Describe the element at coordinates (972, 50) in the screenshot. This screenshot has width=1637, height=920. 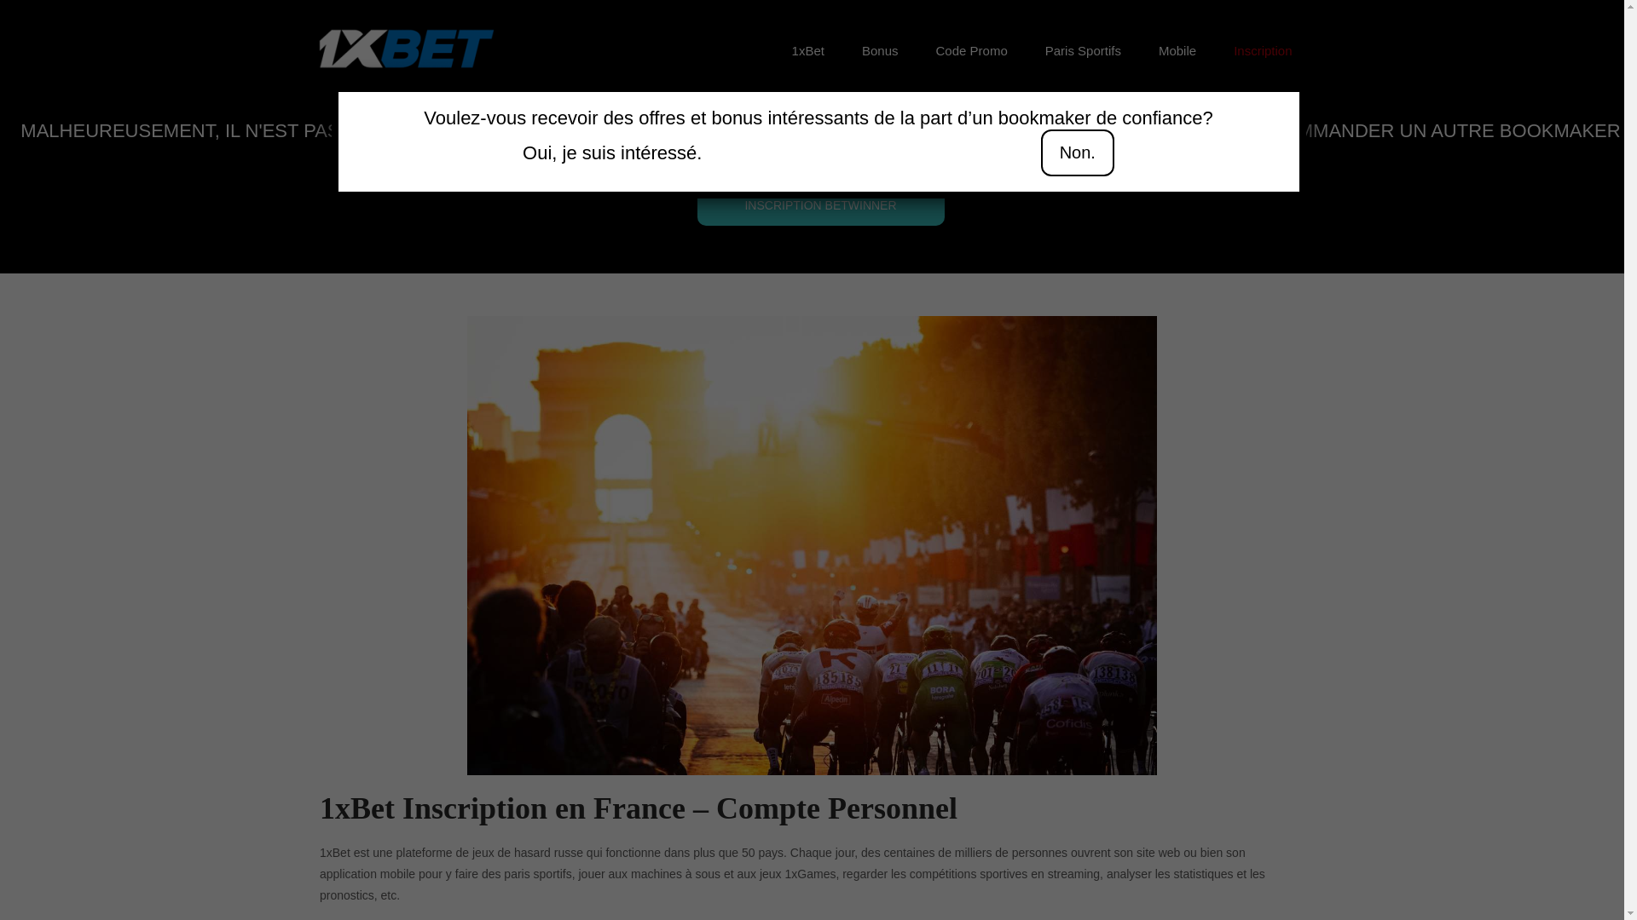
I see `'Code Promo'` at that location.